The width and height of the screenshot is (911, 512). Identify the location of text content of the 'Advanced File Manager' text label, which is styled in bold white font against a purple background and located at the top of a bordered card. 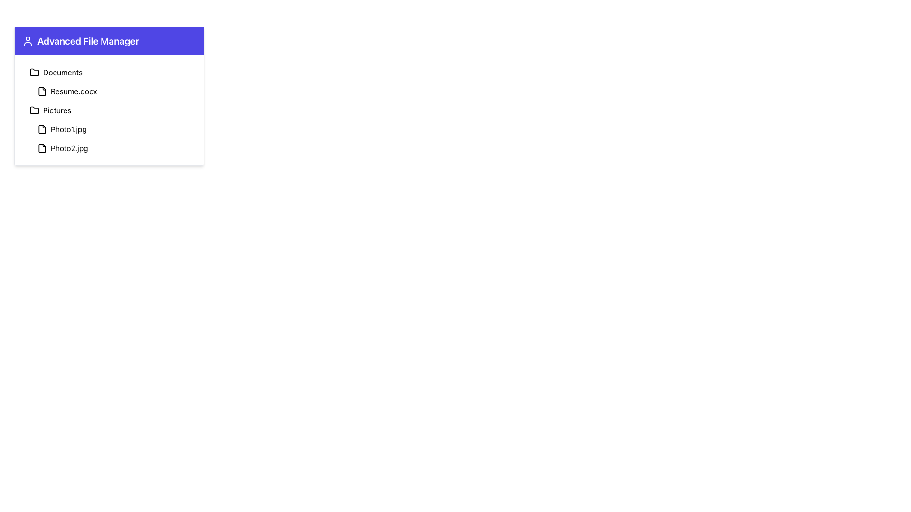
(109, 41).